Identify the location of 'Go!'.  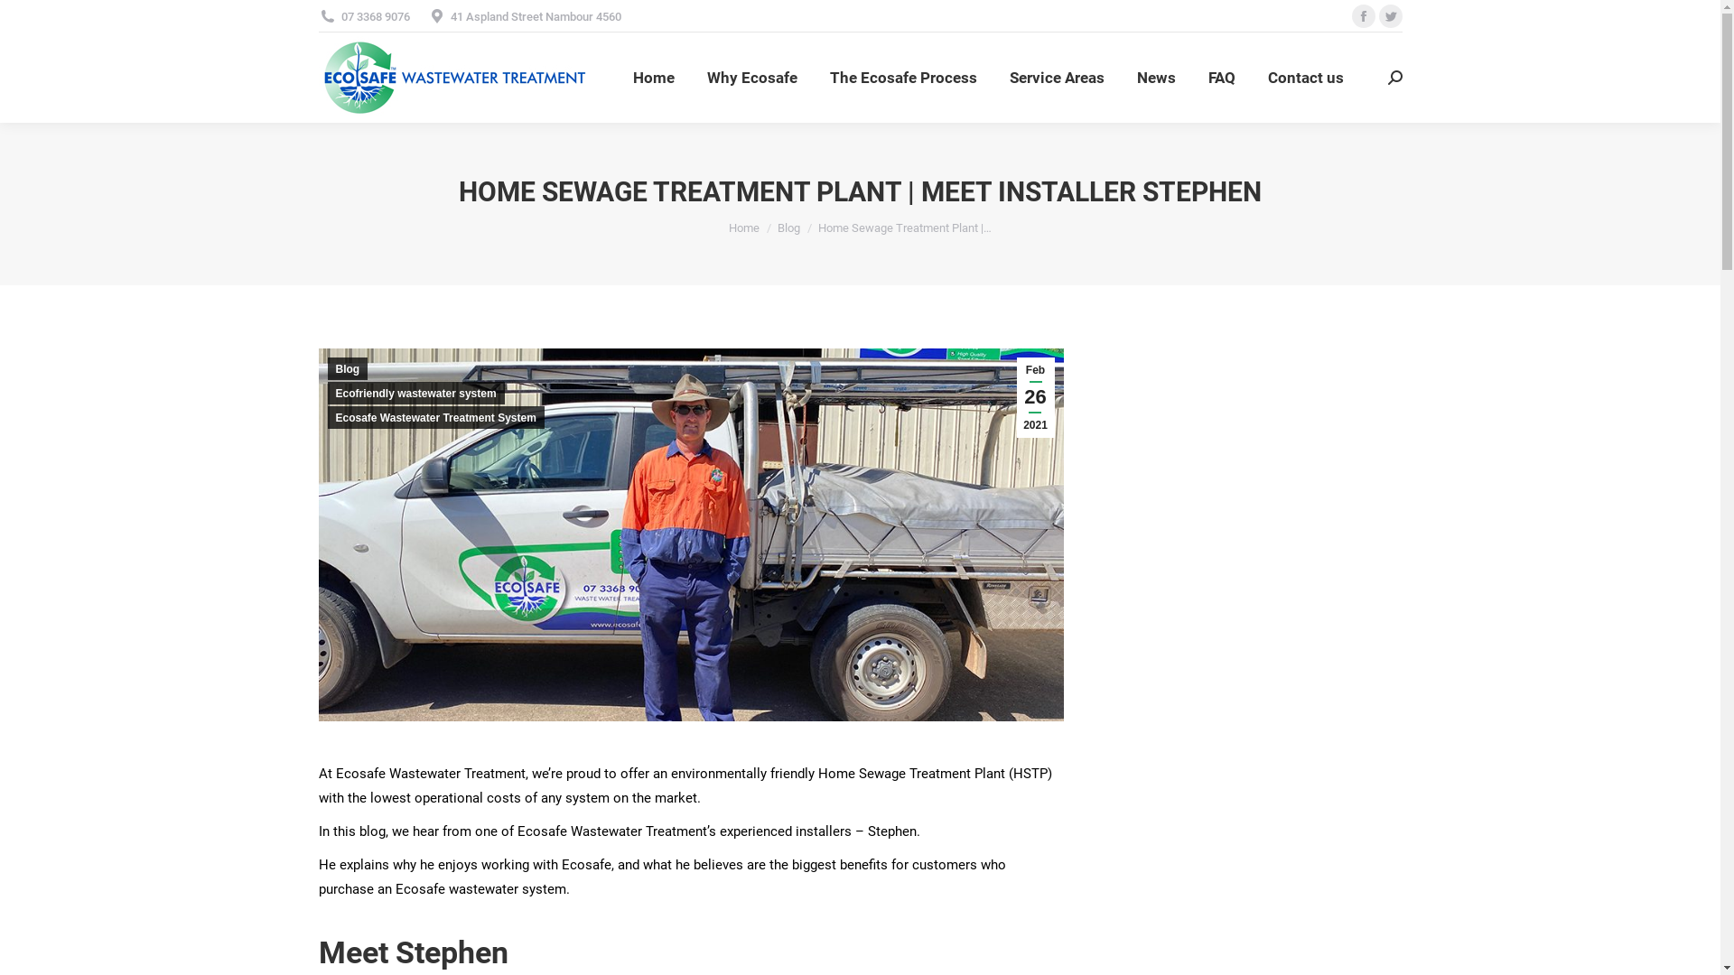
(27, 20).